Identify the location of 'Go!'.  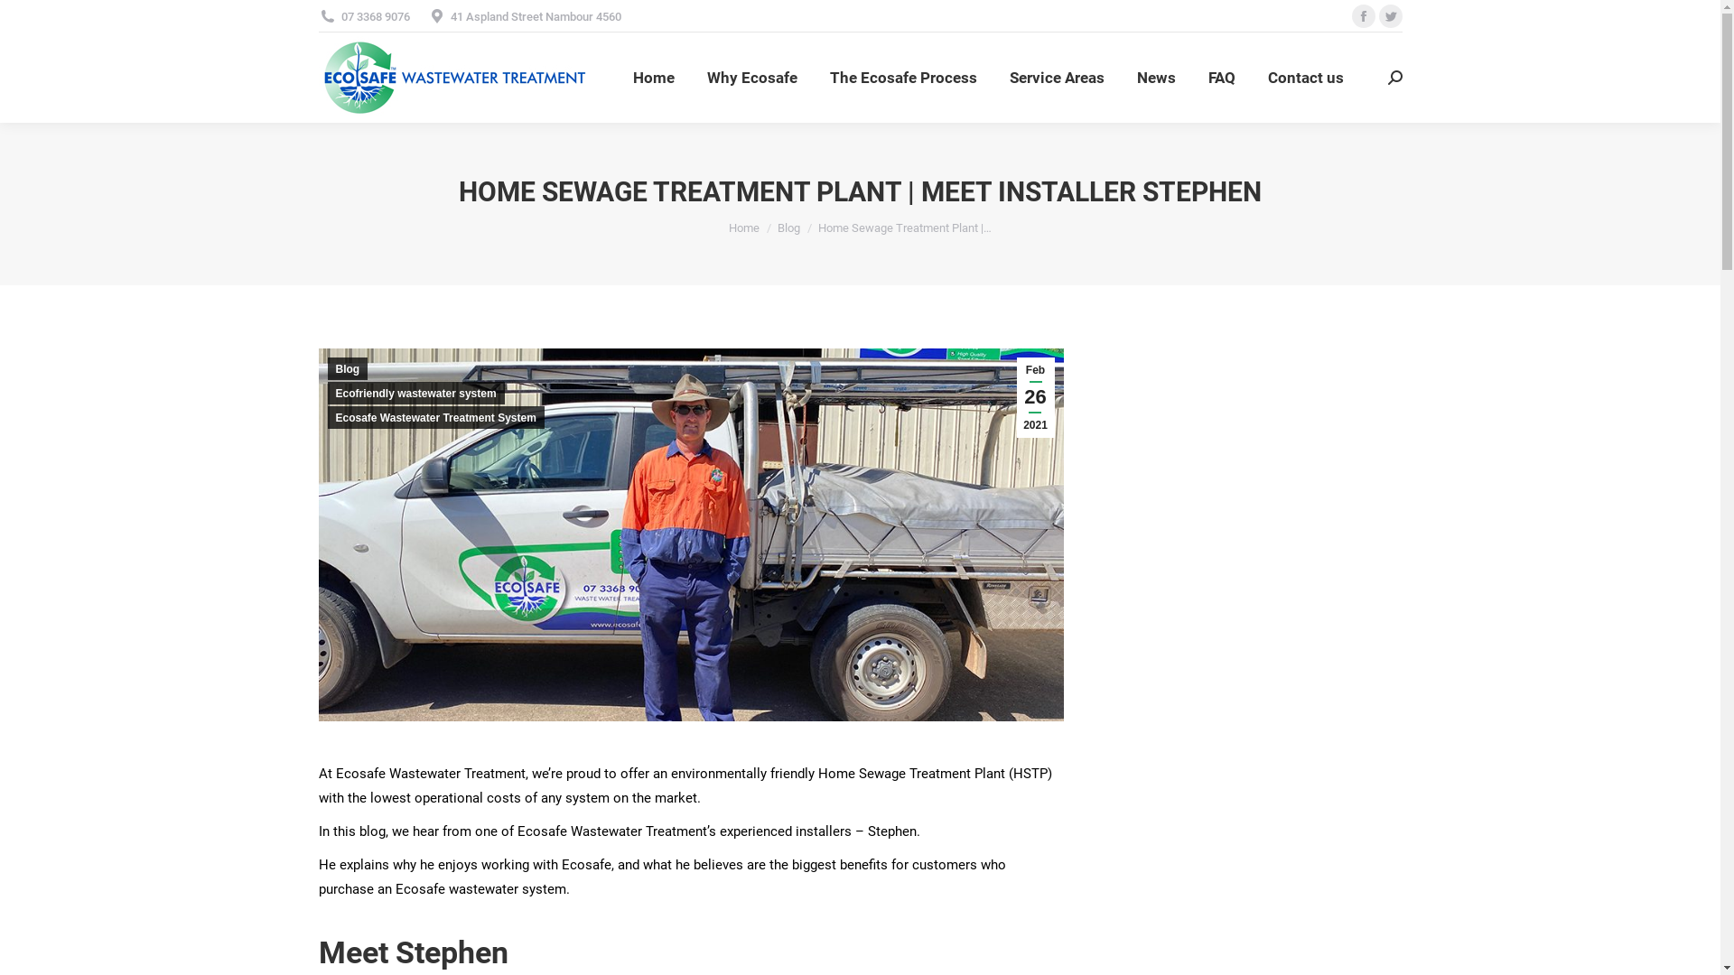
(27, 20).